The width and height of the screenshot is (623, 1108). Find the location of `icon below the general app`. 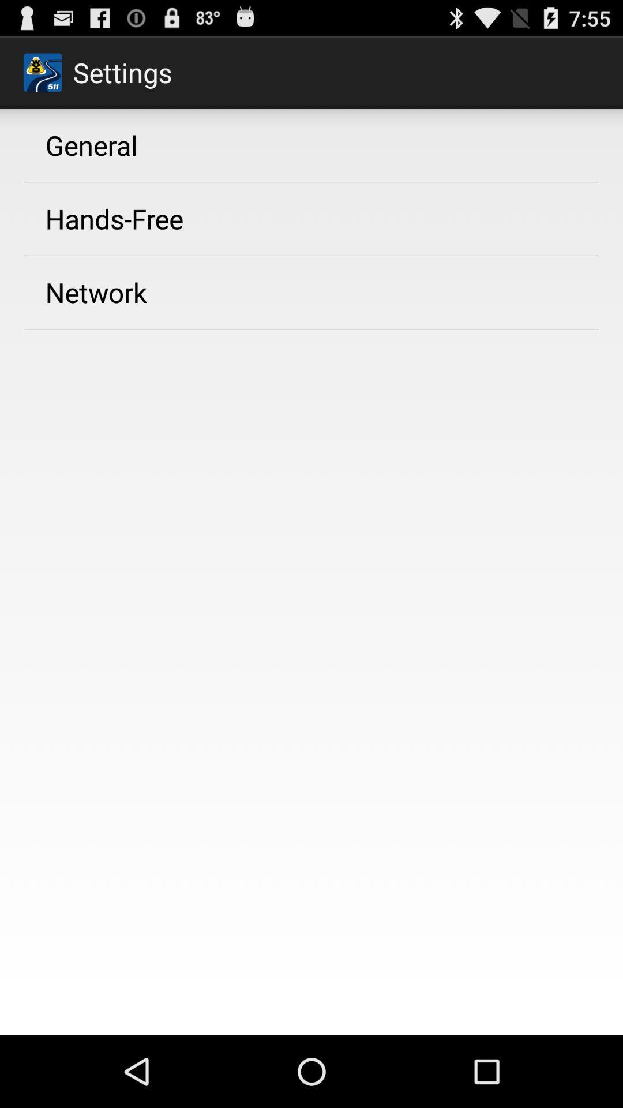

icon below the general app is located at coordinates (114, 219).